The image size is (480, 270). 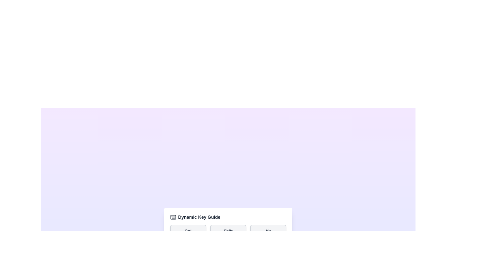 I want to click on the decorative icon located to the left of the 'Dynamic Key Guide' text in the header section, so click(x=173, y=217).